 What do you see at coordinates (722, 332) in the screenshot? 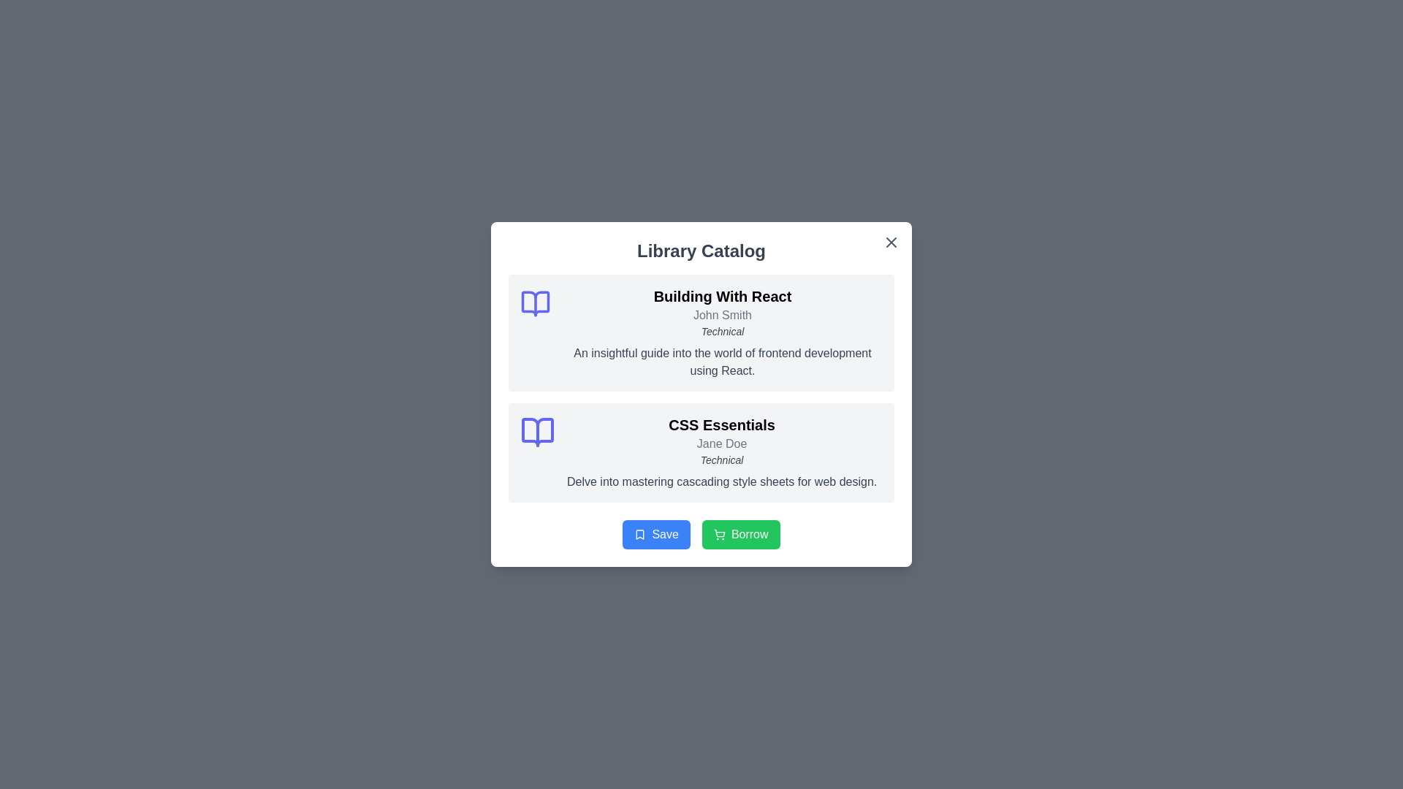
I see `text label located centrally beneath the title 'Building With React' and the name 'John Smith', which serves as a categorization for the topic` at bounding box center [722, 332].